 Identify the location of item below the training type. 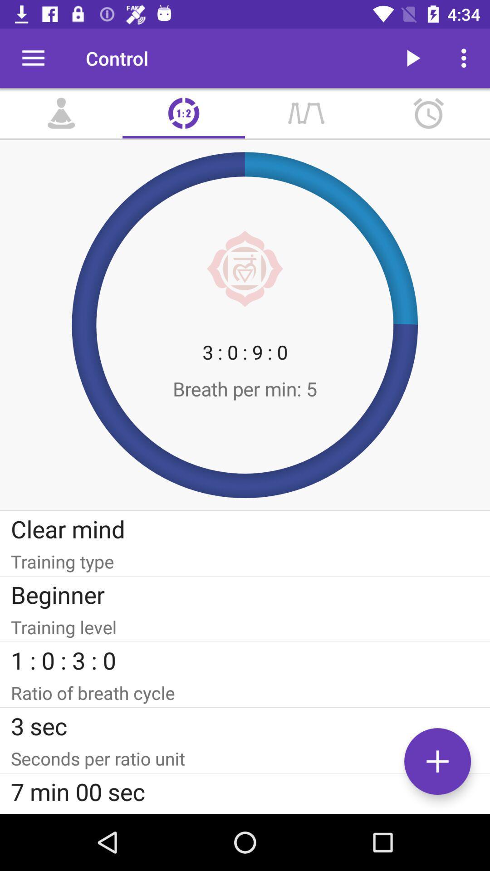
(245, 594).